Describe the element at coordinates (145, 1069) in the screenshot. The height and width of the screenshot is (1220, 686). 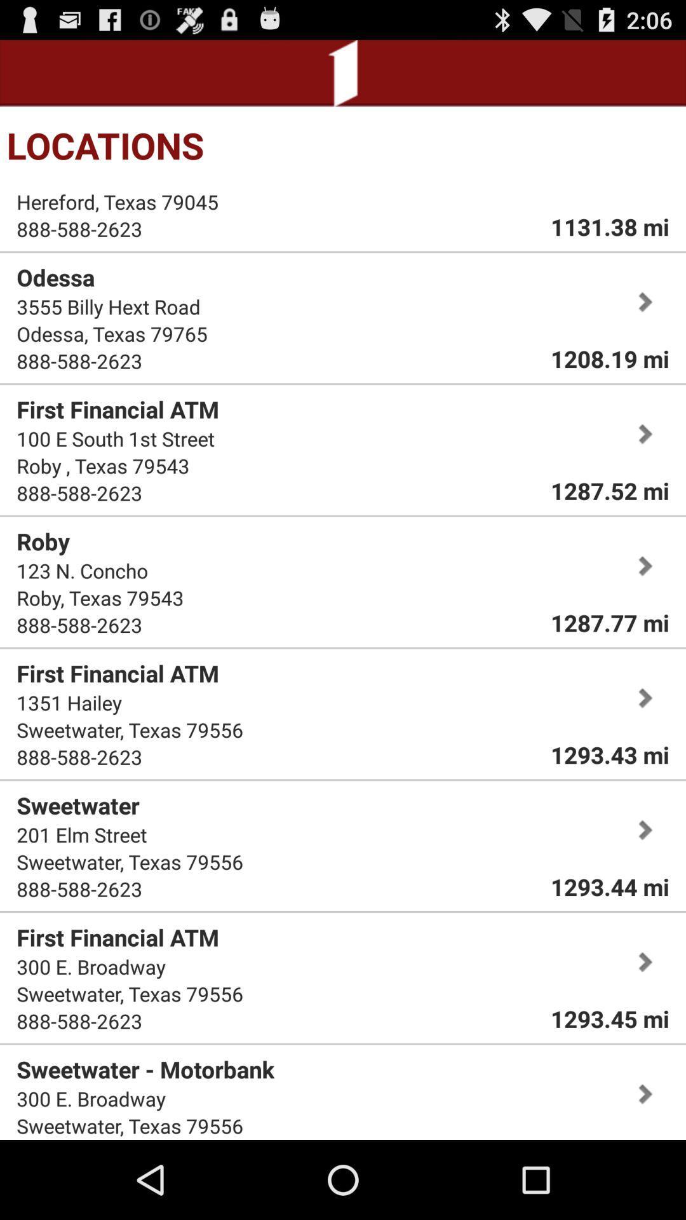
I see `the sweetwater - motorbank icon` at that location.